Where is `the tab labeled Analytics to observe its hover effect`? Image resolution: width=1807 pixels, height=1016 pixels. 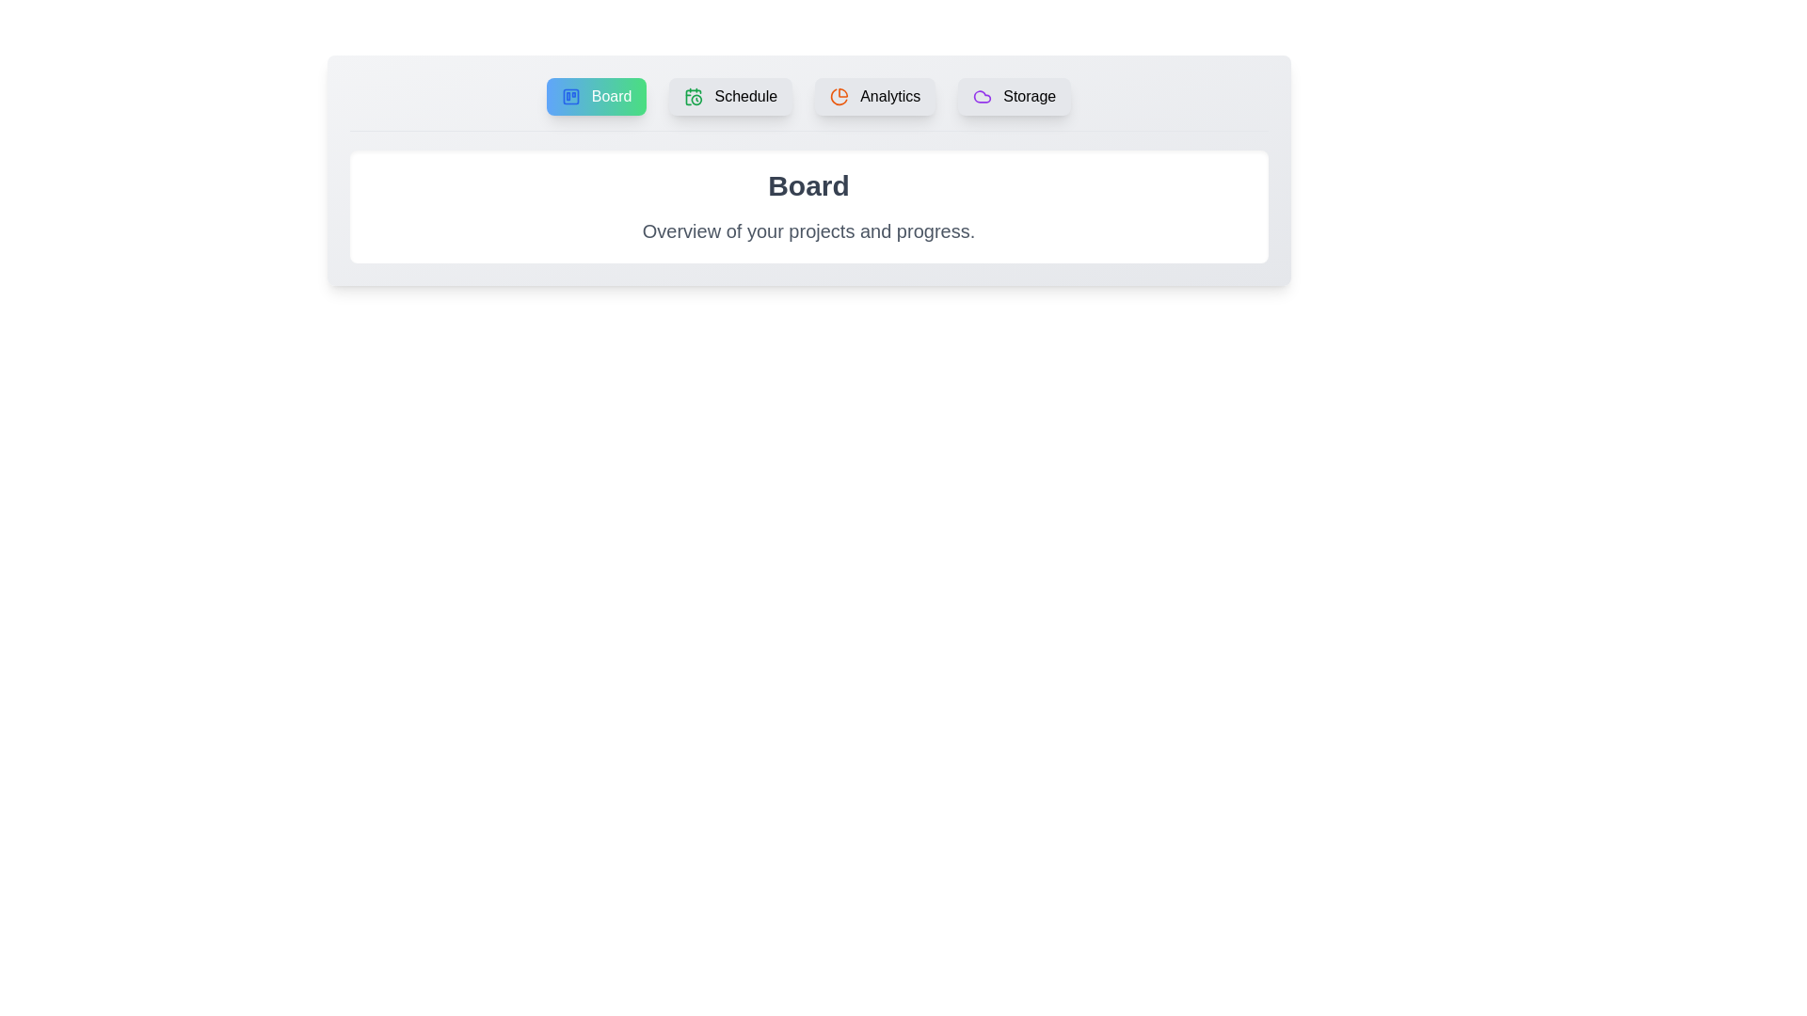 the tab labeled Analytics to observe its hover effect is located at coordinates (874, 97).